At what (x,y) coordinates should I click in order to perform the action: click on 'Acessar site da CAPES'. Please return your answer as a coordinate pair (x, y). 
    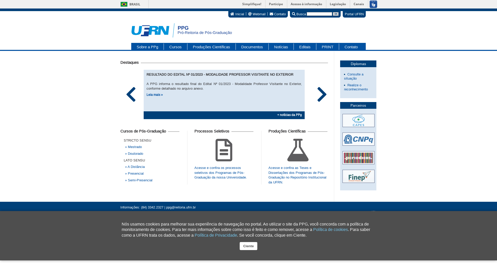
    Looking at the image, I should click on (358, 123).